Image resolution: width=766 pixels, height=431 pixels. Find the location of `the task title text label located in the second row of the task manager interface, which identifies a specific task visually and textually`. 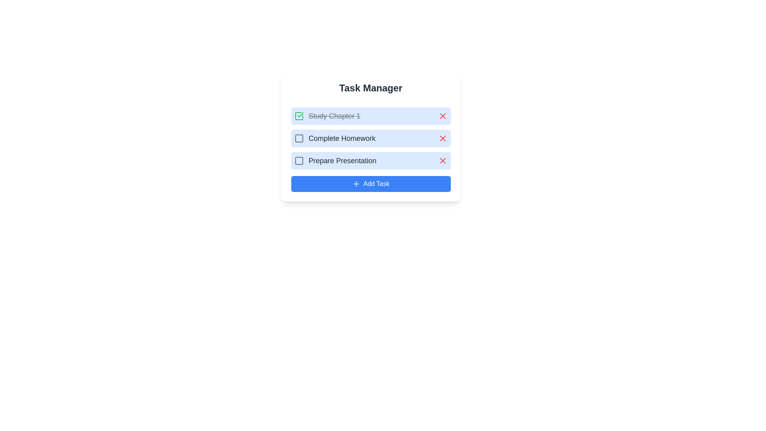

the task title text label located in the second row of the task manager interface, which identifies a specific task visually and textually is located at coordinates (342, 138).